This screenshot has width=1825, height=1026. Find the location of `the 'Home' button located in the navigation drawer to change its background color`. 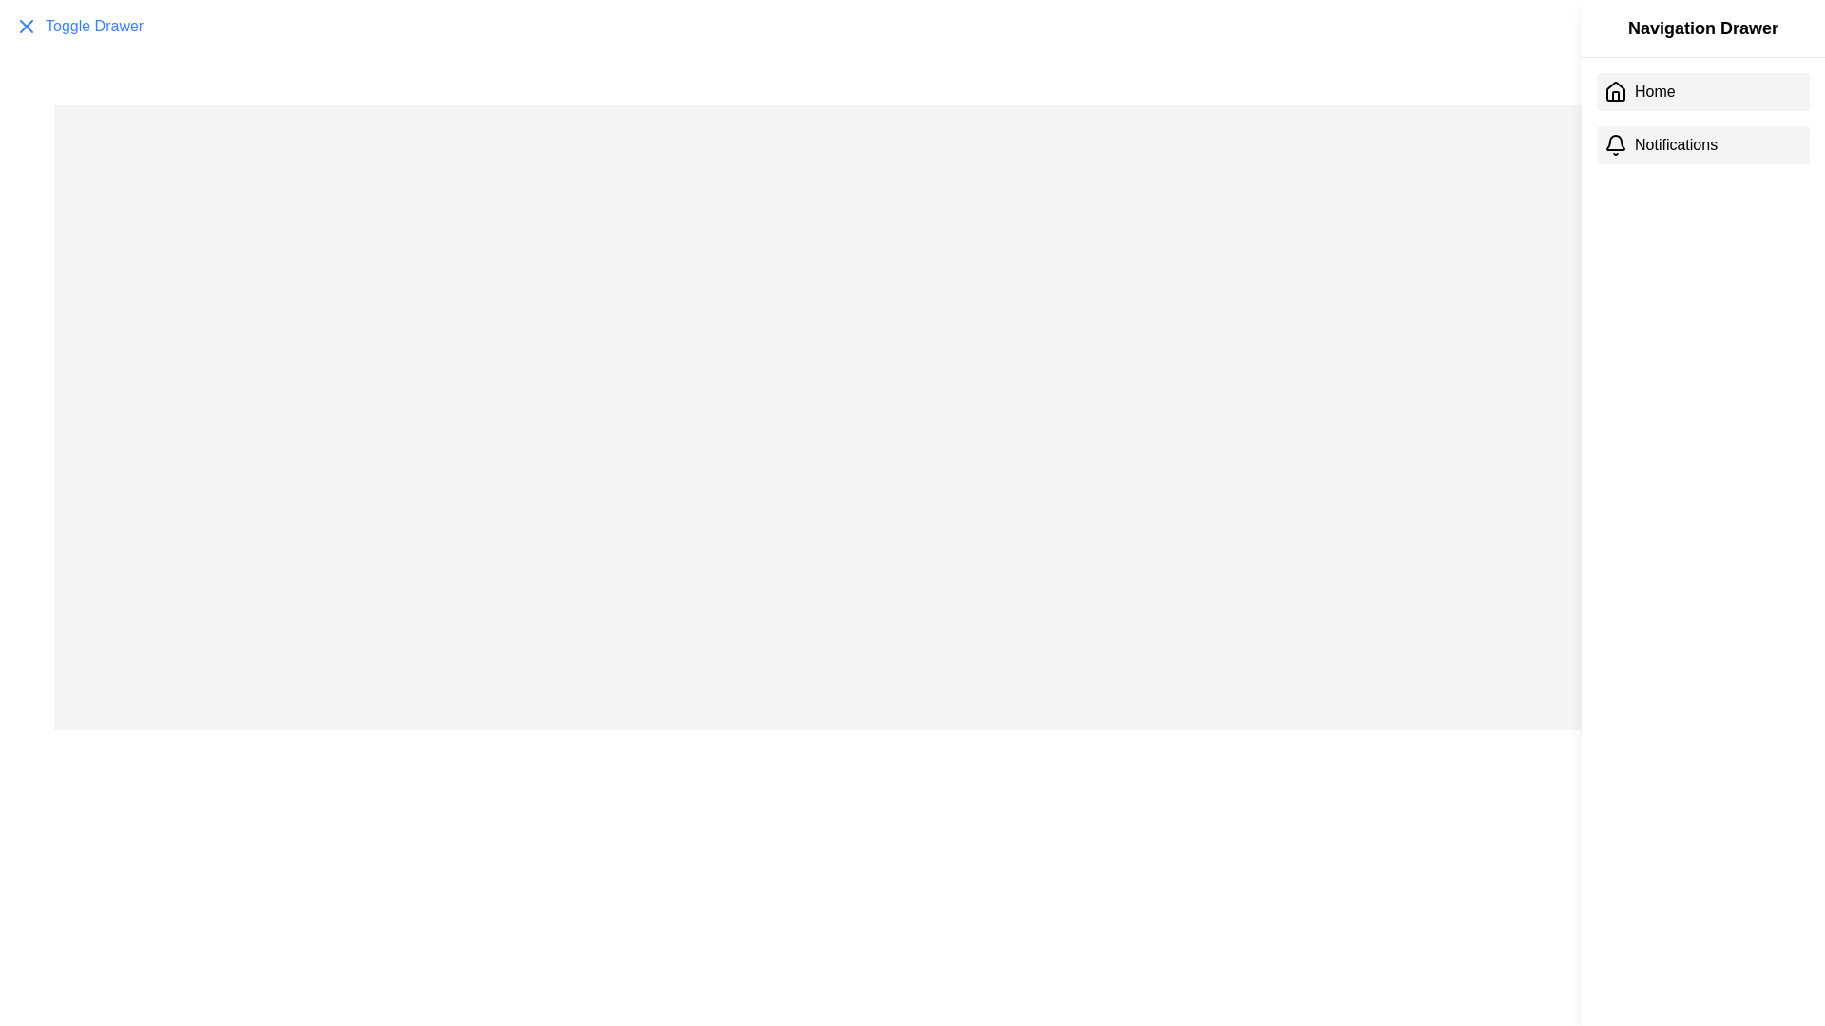

the 'Home' button located in the navigation drawer to change its background color is located at coordinates (1702, 91).